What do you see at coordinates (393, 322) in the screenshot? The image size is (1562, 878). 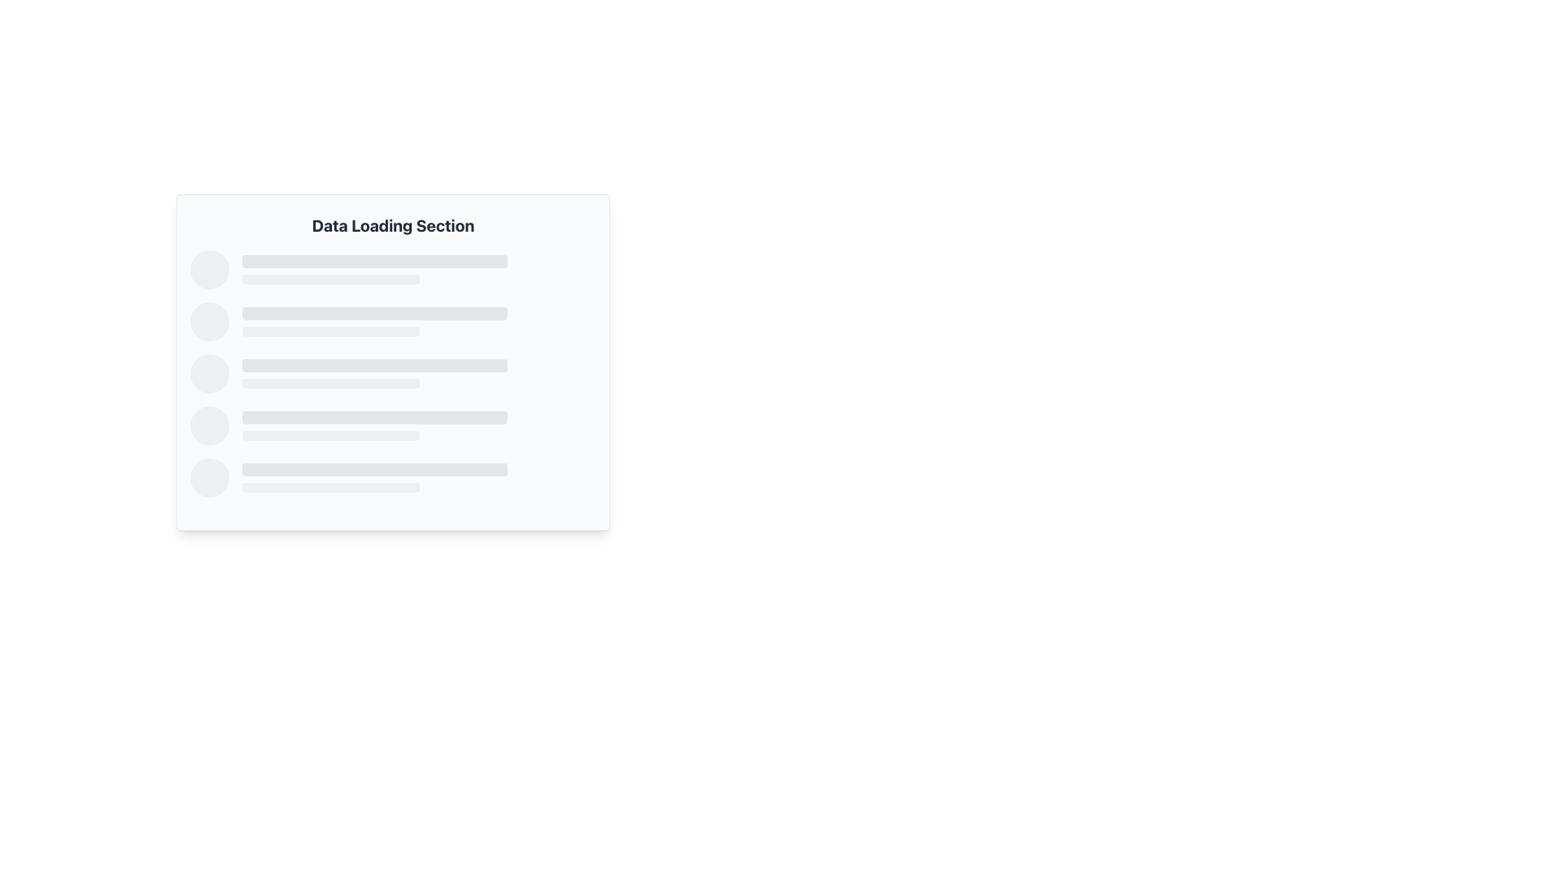 I see `the second Skeleton placeholder item in the loading UI, which visually indicates that content is being fetched, positioned vertically in the list between the first and third elements` at bounding box center [393, 322].